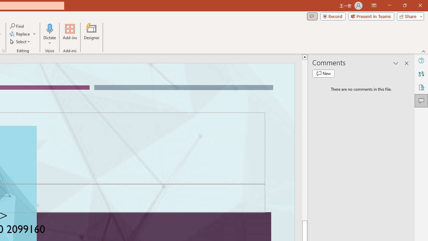 The image size is (428, 241). What do you see at coordinates (389, 5) in the screenshot?
I see `'Minimize'` at bounding box center [389, 5].